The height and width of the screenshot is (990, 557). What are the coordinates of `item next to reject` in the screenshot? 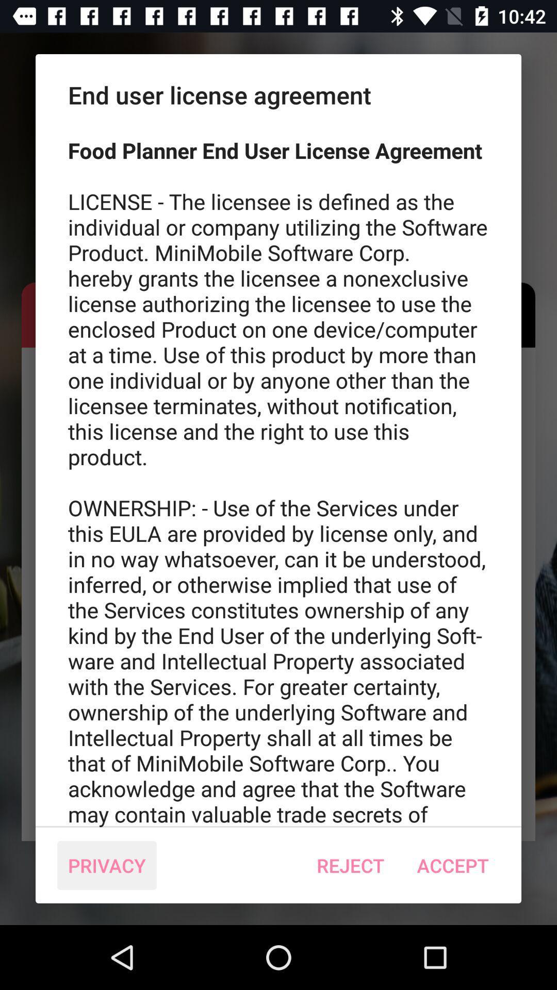 It's located at (107, 865).